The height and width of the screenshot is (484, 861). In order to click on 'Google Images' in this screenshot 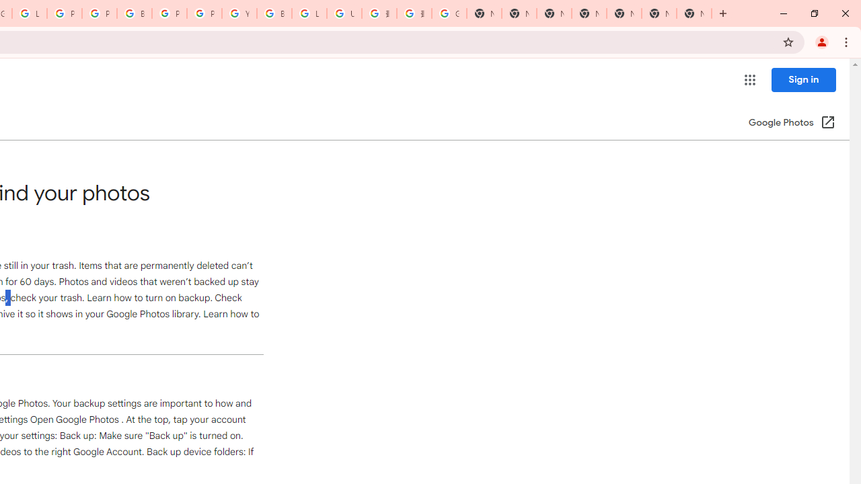, I will do `click(449, 13)`.